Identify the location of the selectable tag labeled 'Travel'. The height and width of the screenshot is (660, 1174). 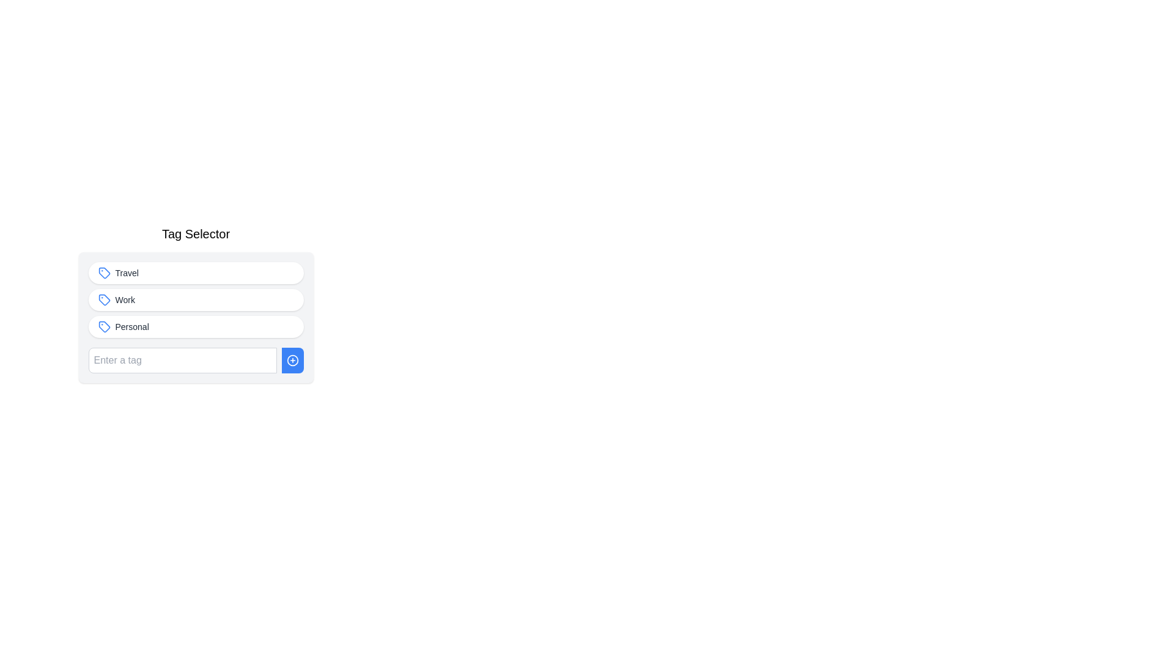
(196, 273).